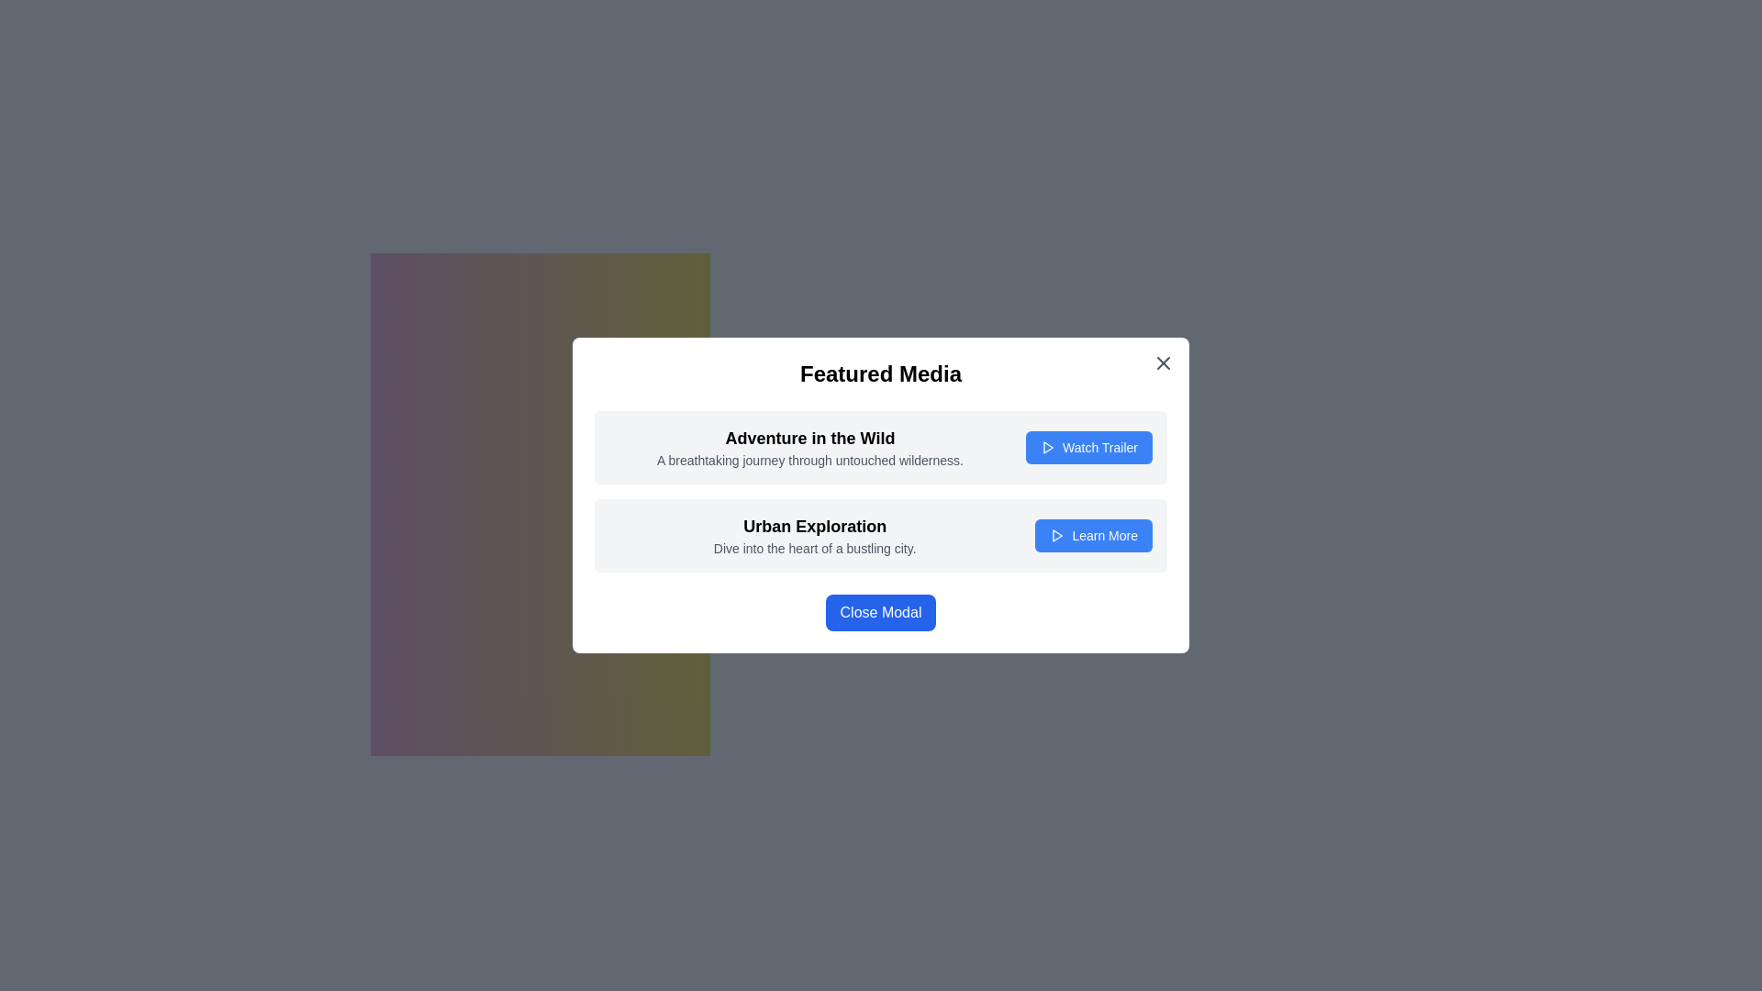 This screenshot has height=991, width=1762. What do you see at coordinates (814, 547) in the screenshot?
I see `the Text label that provides a descriptive elaboration for the 'Urban Exploration' media section, located beneath the 'Urban Exploration' title in the modal dialog box` at bounding box center [814, 547].